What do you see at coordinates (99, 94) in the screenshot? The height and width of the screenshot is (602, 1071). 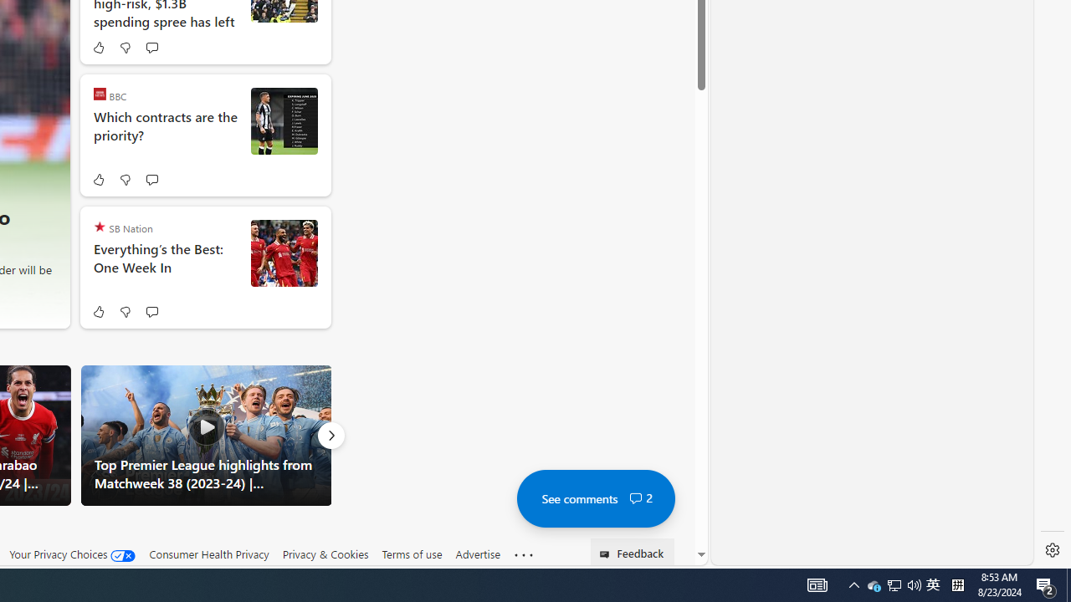 I see `'BBC'` at bounding box center [99, 94].